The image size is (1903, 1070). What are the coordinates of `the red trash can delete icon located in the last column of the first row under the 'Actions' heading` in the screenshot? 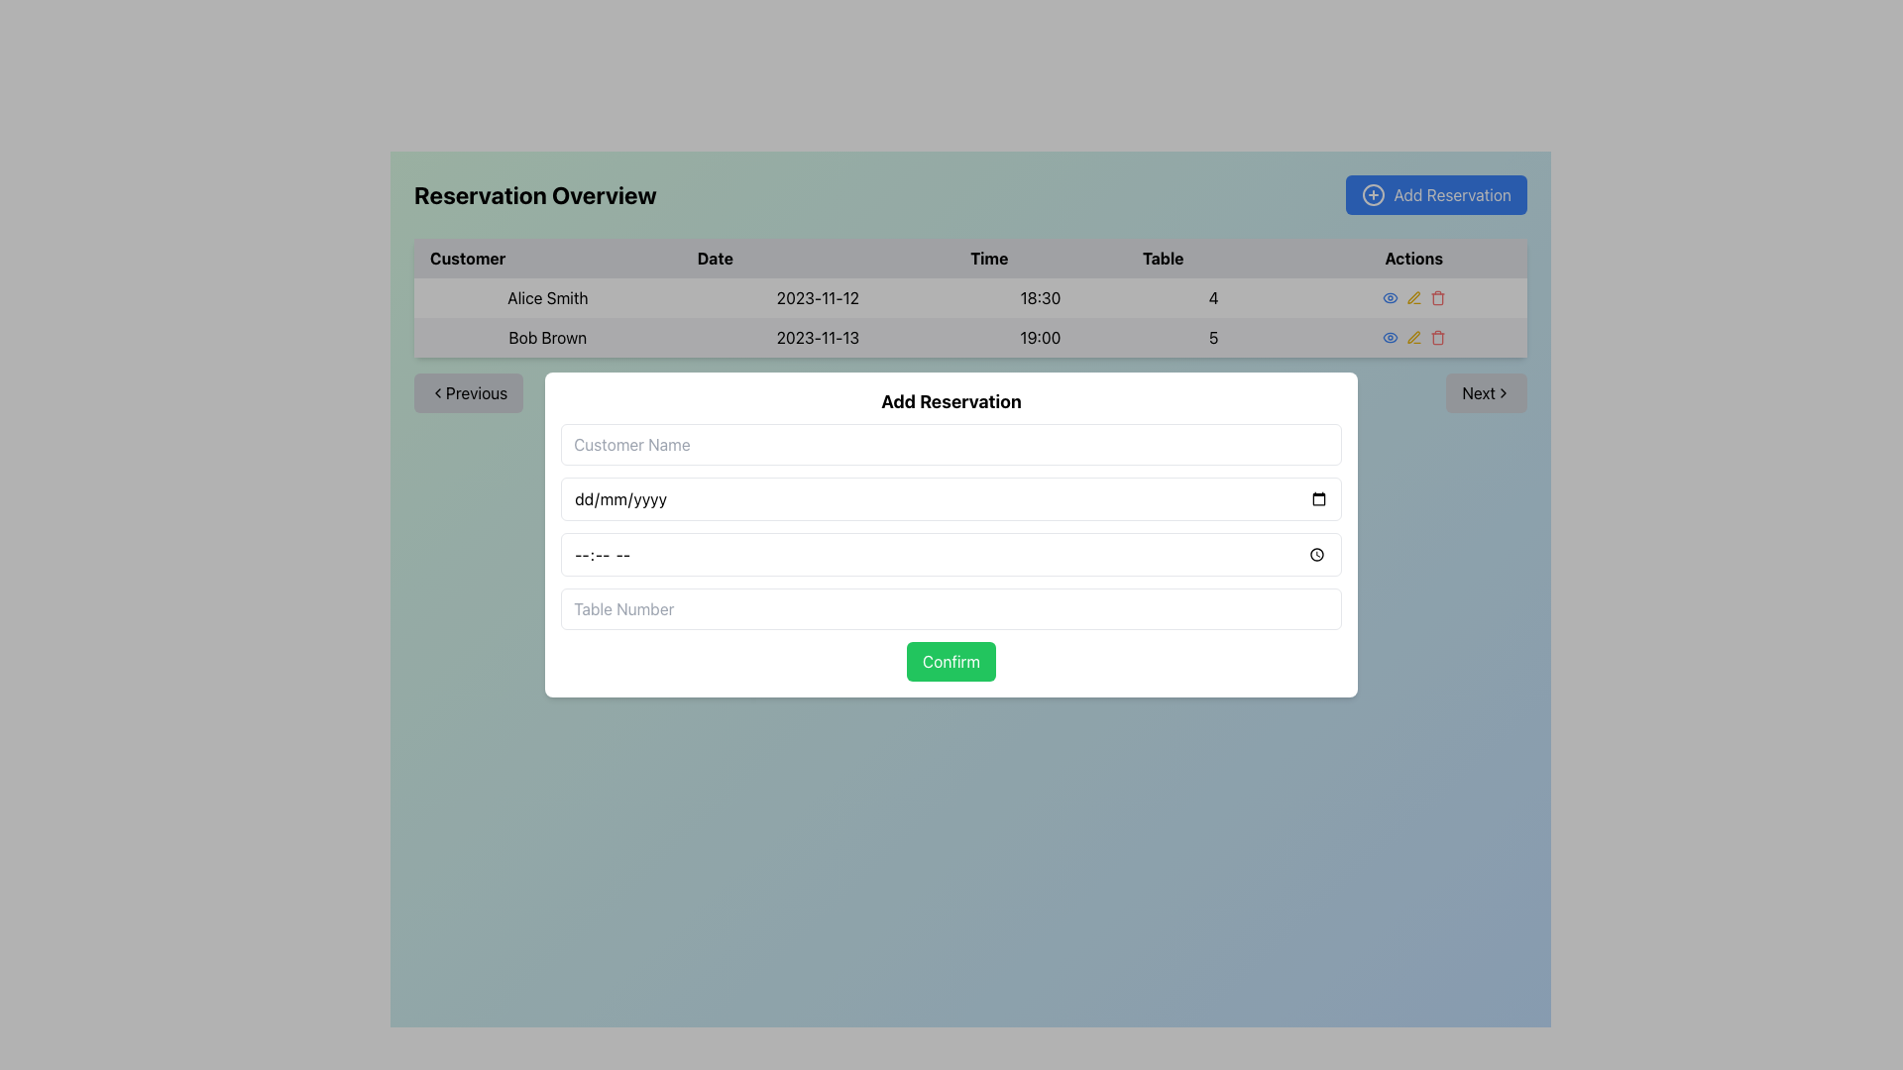 It's located at (1437, 297).